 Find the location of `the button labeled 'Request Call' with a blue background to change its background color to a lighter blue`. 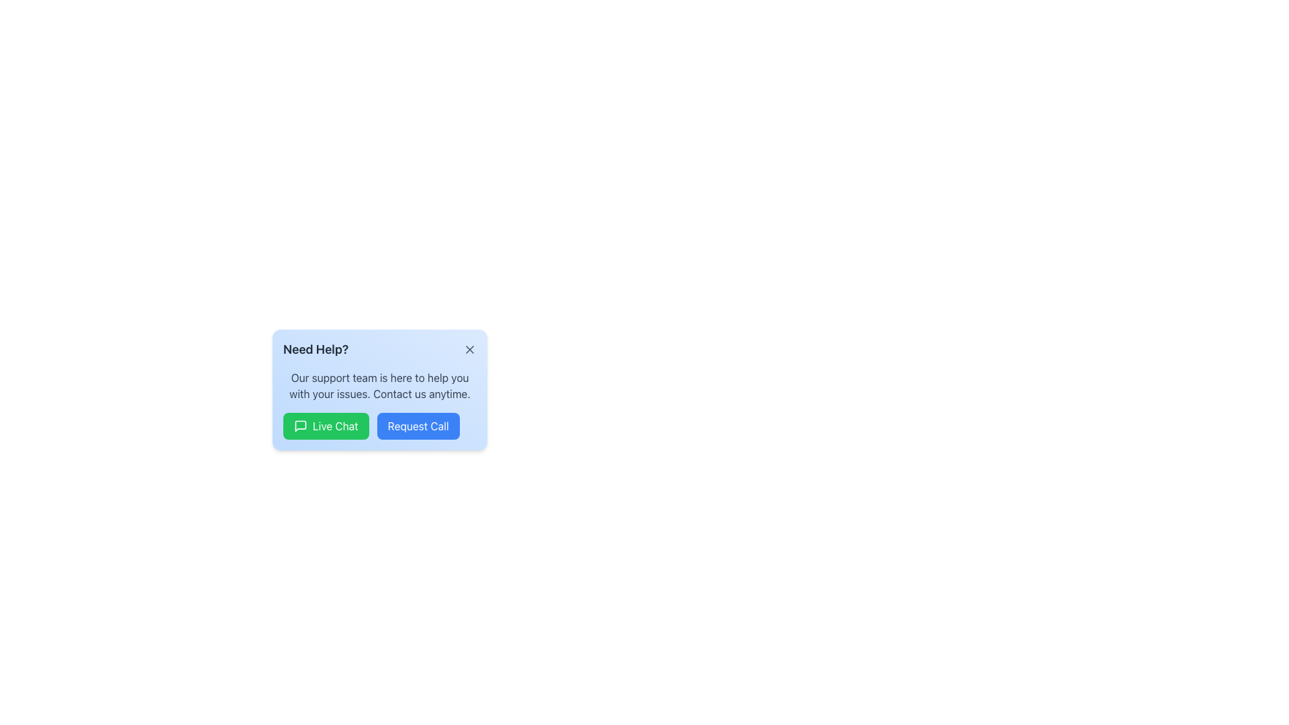

the button labeled 'Request Call' with a blue background to change its background color to a lighter blue is located at coordinates (418, 426).